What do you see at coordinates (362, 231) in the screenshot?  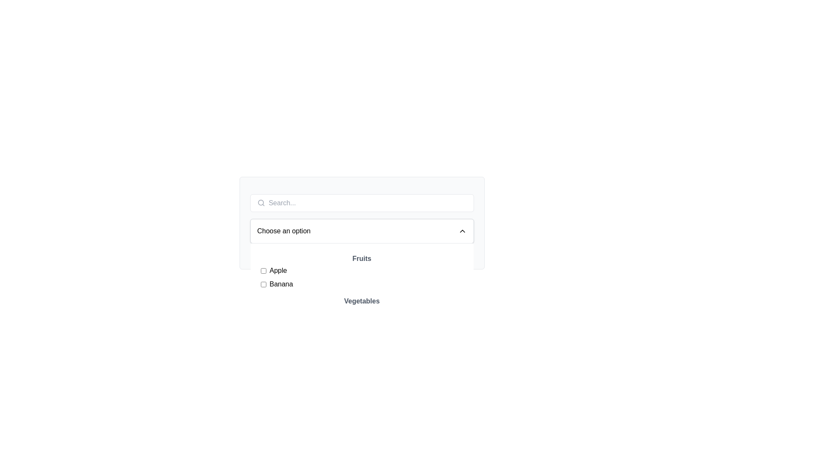 I see `the dropdown menu that has a white background and contains the text 'Choose an option' with a downward-pointing arrow icon` at bounding box center [362, 231].